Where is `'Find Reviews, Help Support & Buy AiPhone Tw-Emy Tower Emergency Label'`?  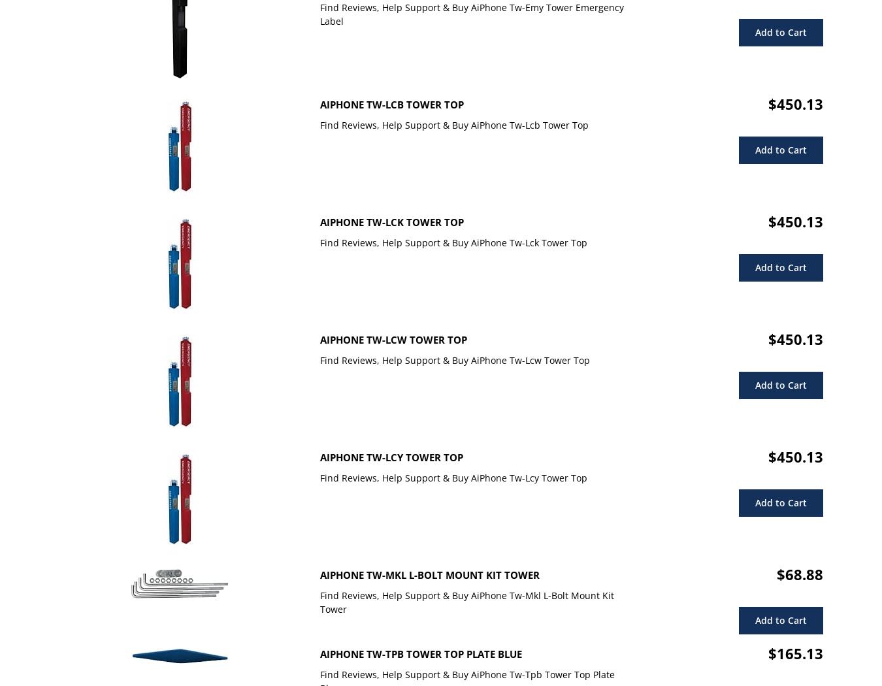 'Find Reviews, Help Support & Buy AiPhone Tw-Emy Tower Emergency Label' is located at coordinates (471, 14).